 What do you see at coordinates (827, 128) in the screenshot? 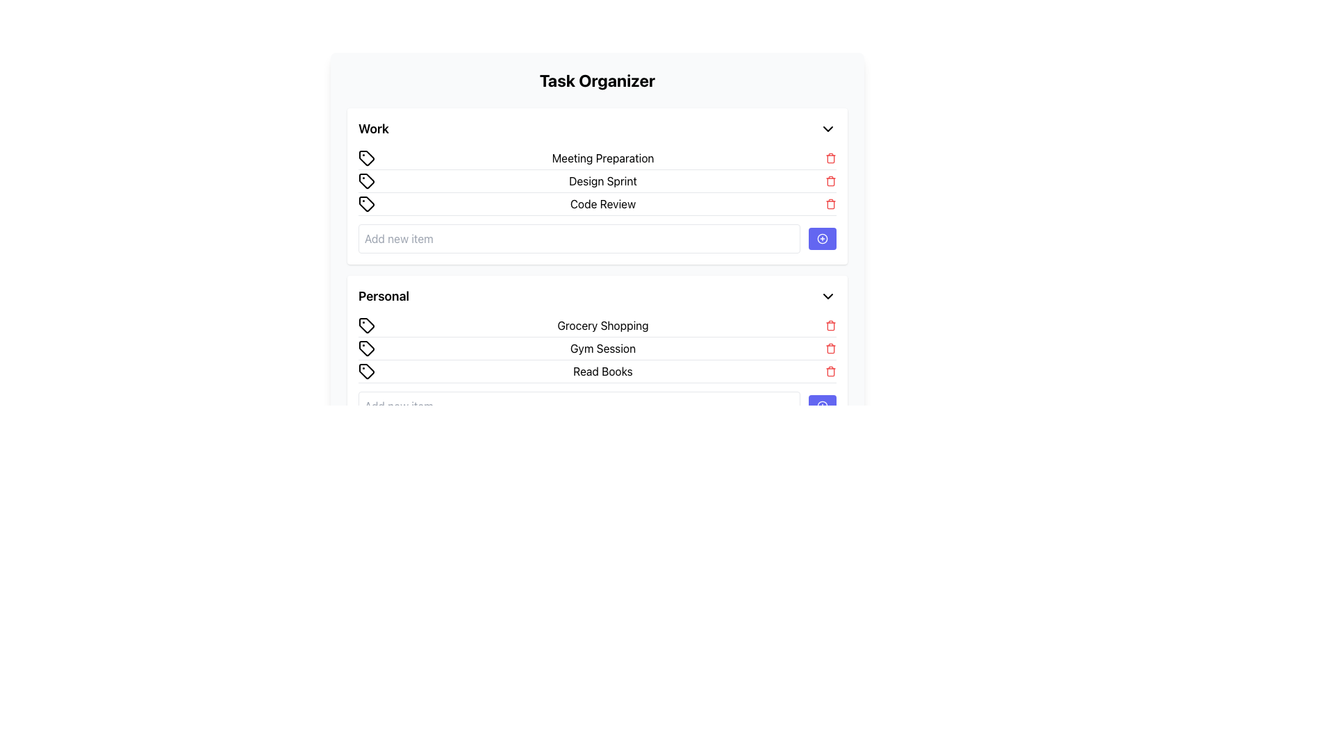
I see `the Chevron Down icon located at the rightmost position of the 'Work' section header` at bounding box center [827, 128].